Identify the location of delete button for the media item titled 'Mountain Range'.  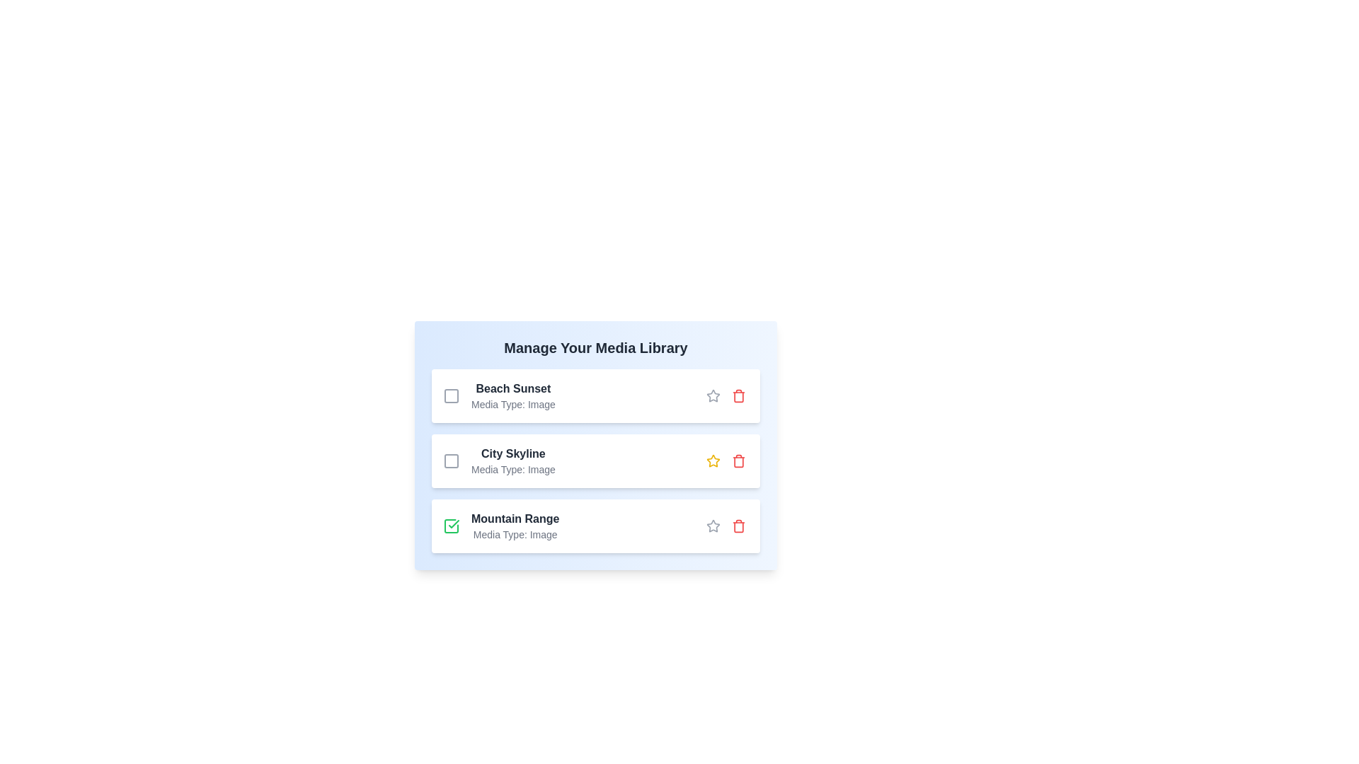
(738, 526).